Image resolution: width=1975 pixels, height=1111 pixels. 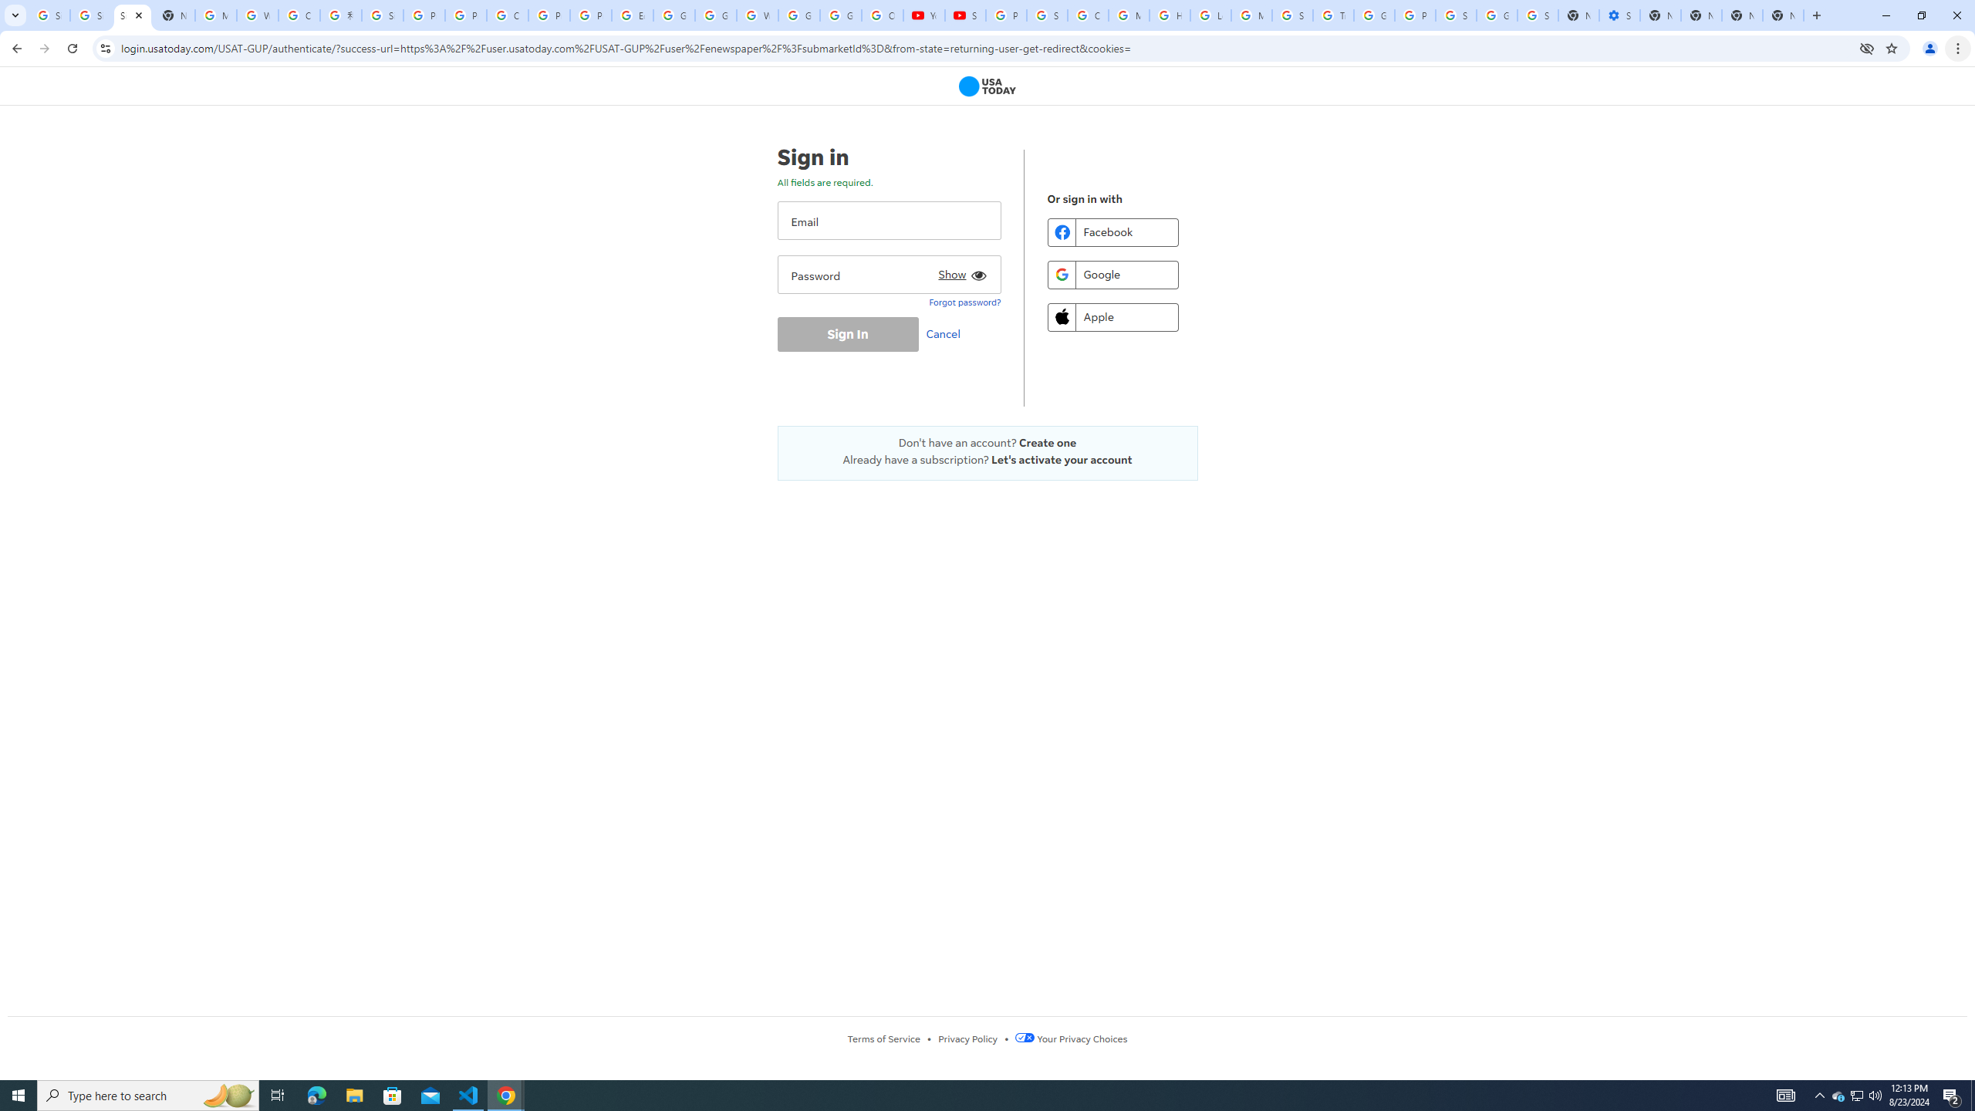 I want to click on 'Facebook', so click(x=1112, y=231).